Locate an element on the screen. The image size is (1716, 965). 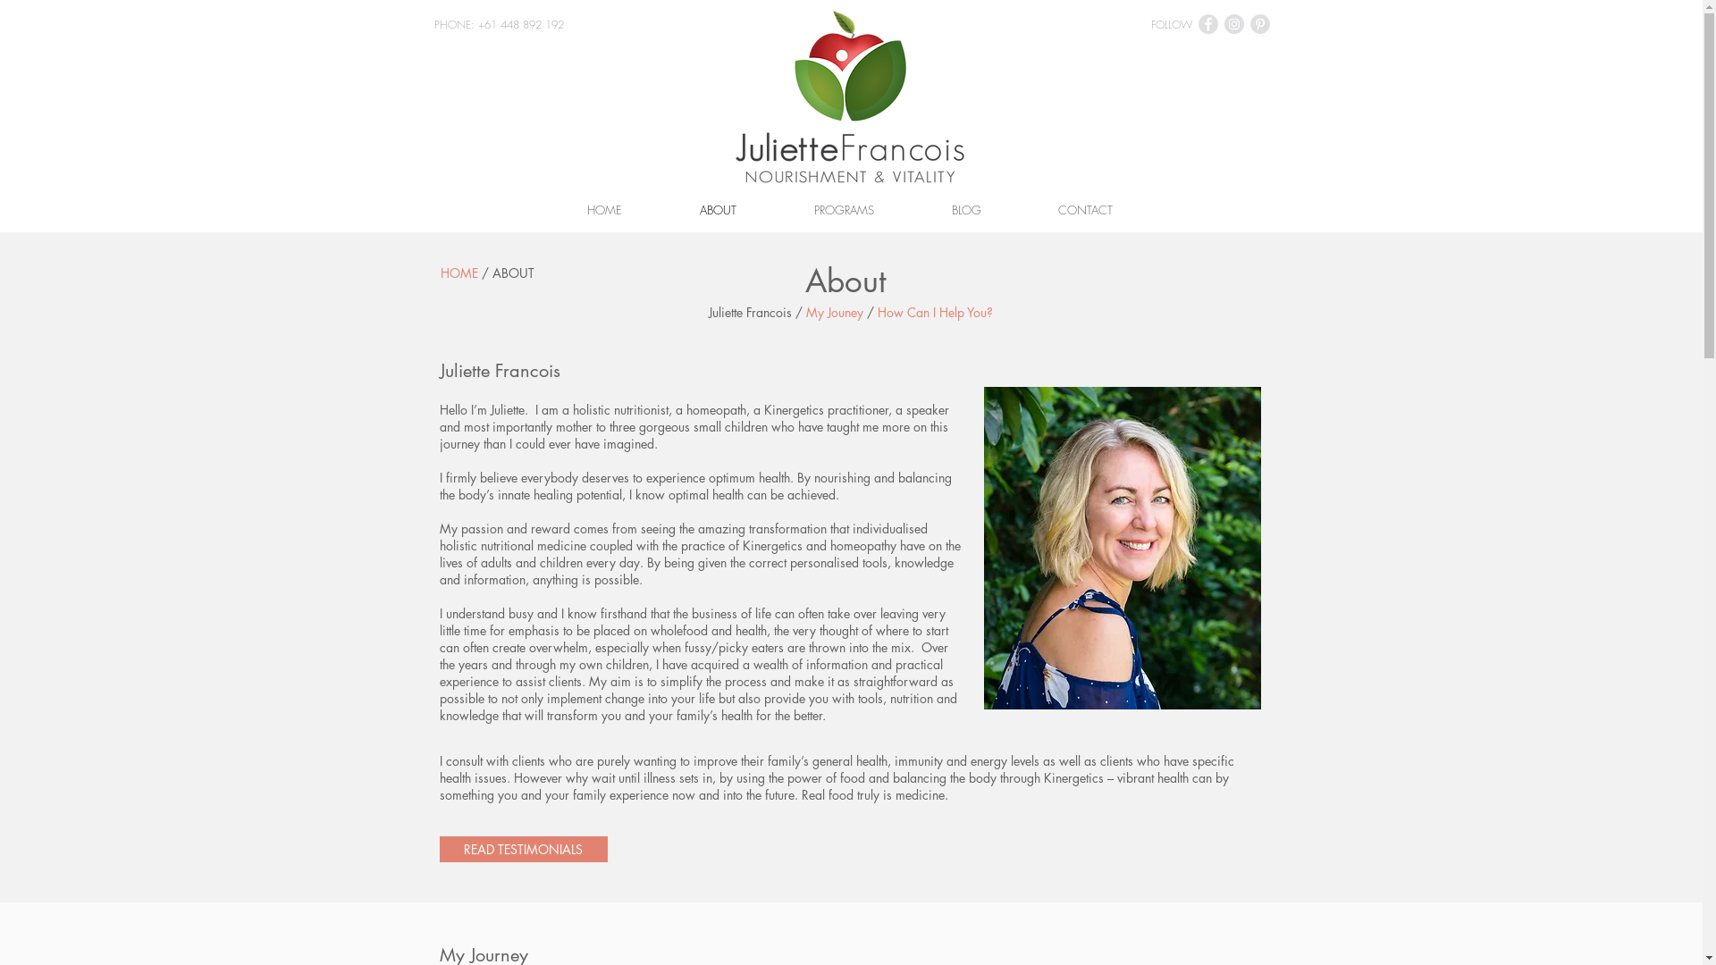
'HOME' is located at coordinates (439, 273).